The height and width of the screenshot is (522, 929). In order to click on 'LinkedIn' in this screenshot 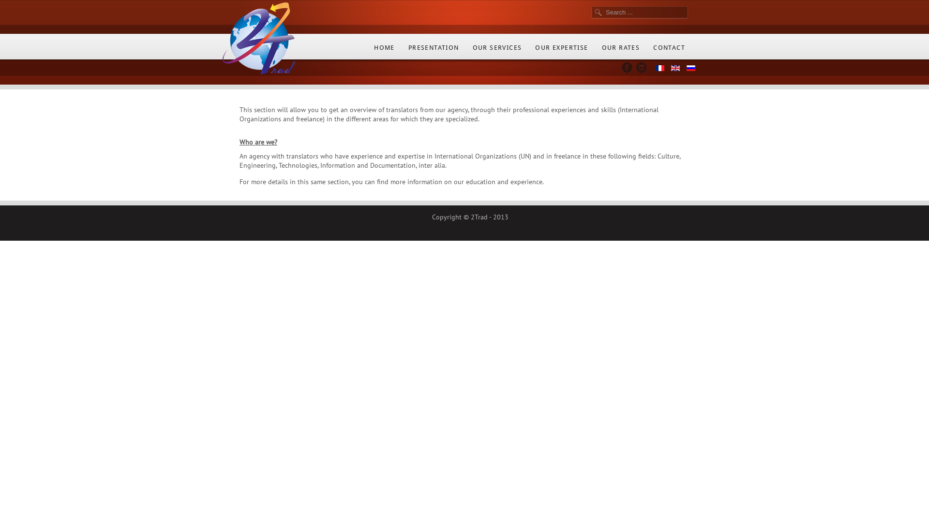, I will do `click(641, 67)`.